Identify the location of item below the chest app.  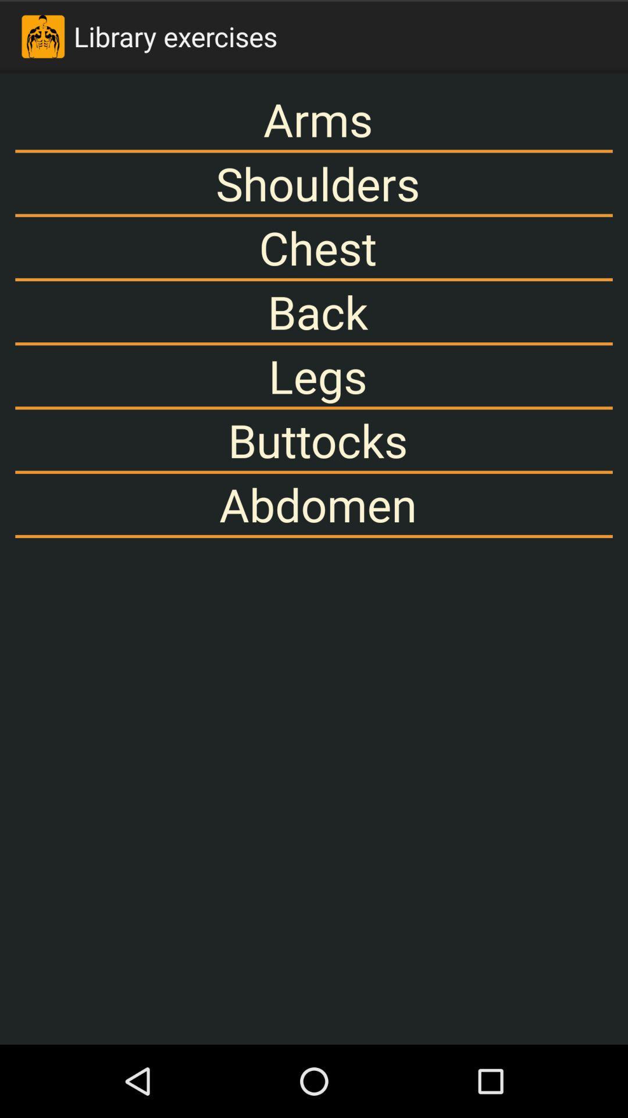
(314, 312).